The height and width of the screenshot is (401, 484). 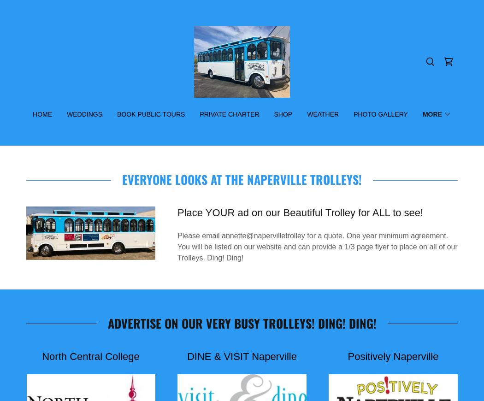 I want to click on 'Home', so click(x=42, y=114).